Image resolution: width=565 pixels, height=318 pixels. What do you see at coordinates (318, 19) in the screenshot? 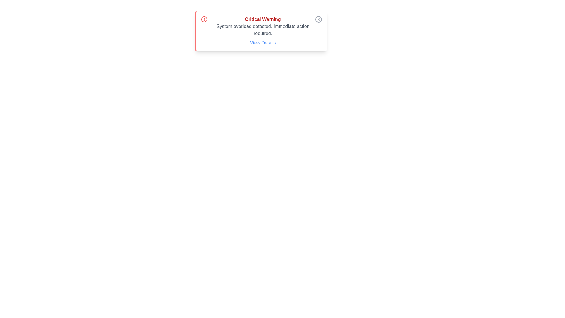
I see `the close button located in the top-right corner of the notification box` at bounding box center [318, 19].